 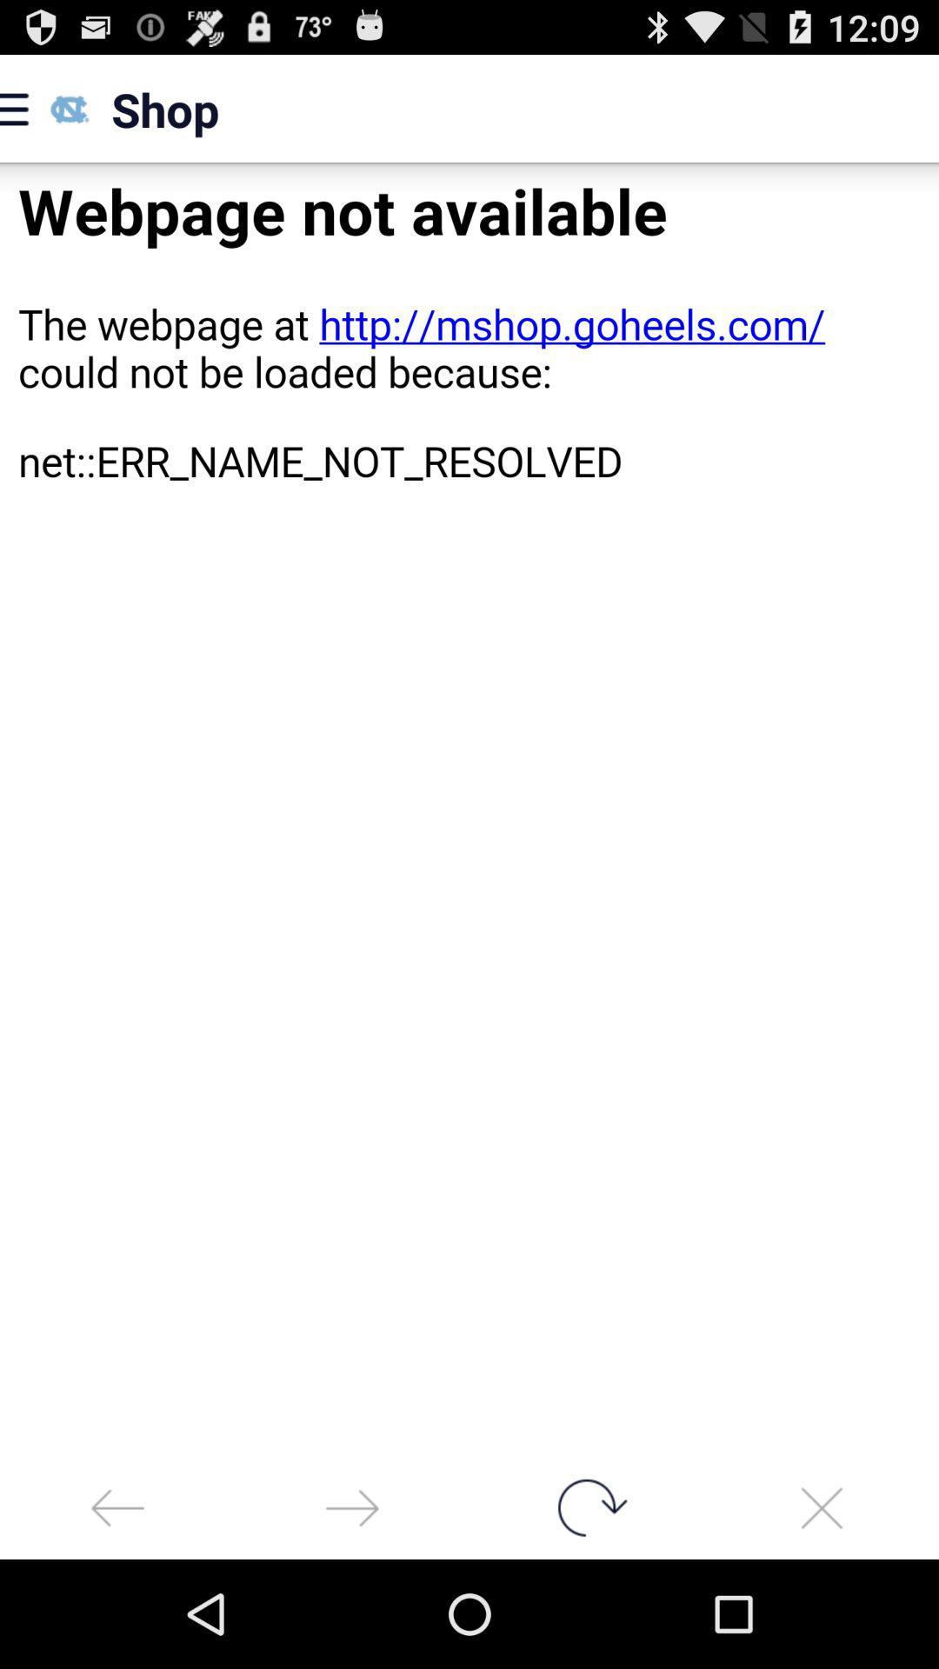 What do you see at coordinates (117, 1506) in the screenshot?
I see `click the bottom left` at bounding box center [117, 1506].